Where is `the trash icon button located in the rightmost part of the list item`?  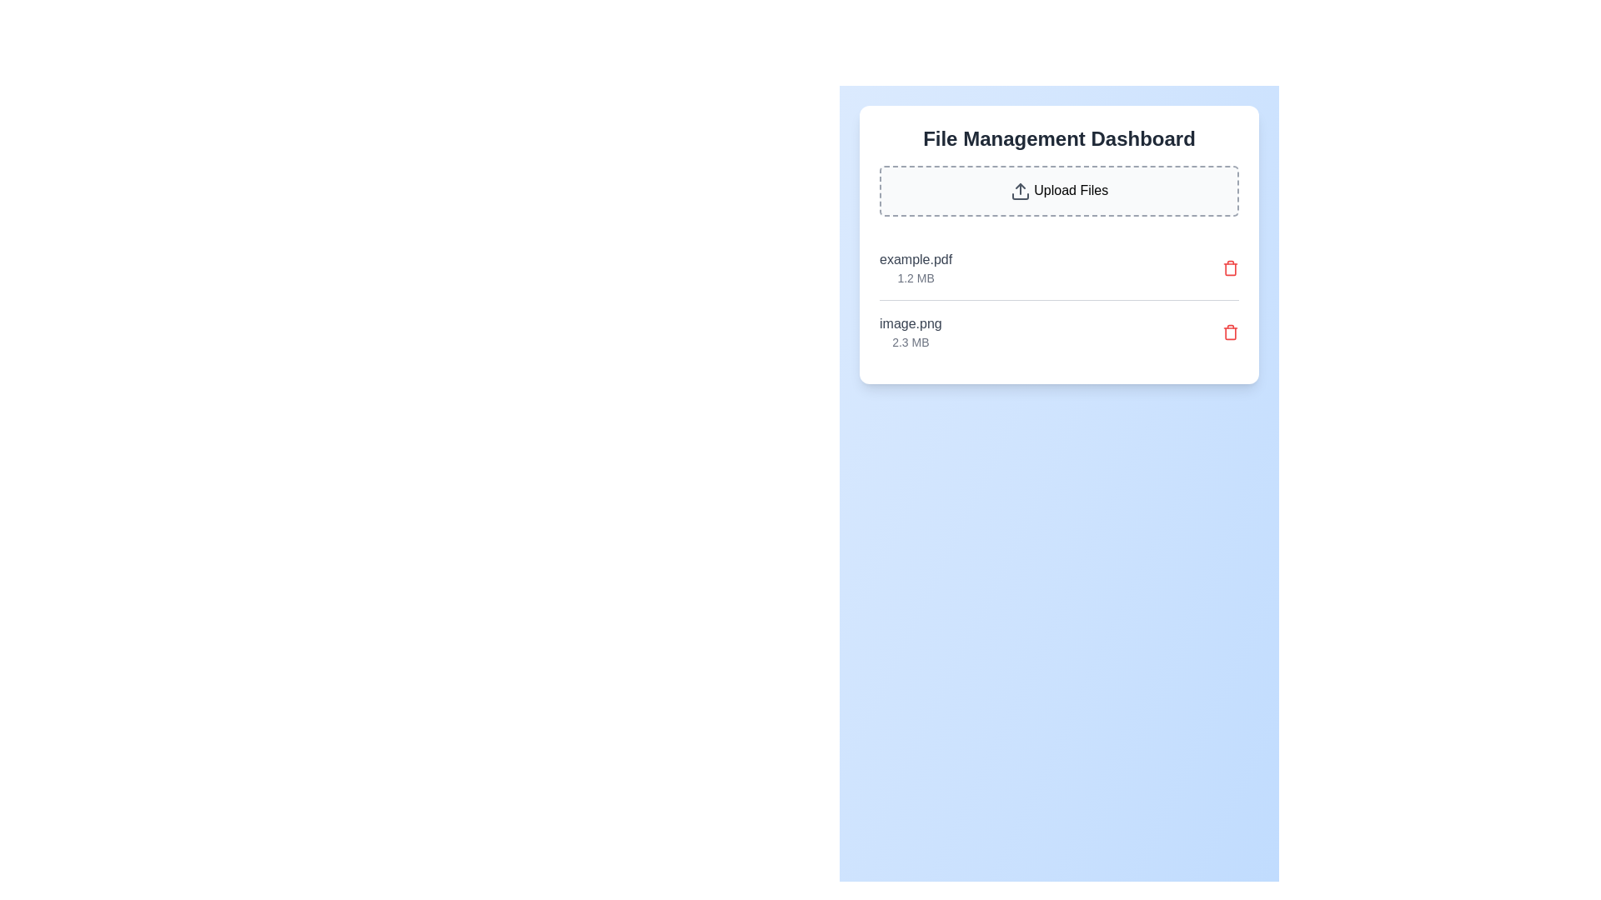
the trash icon button located in the rightmost part of the list item is located at coordinates (1231, 266).